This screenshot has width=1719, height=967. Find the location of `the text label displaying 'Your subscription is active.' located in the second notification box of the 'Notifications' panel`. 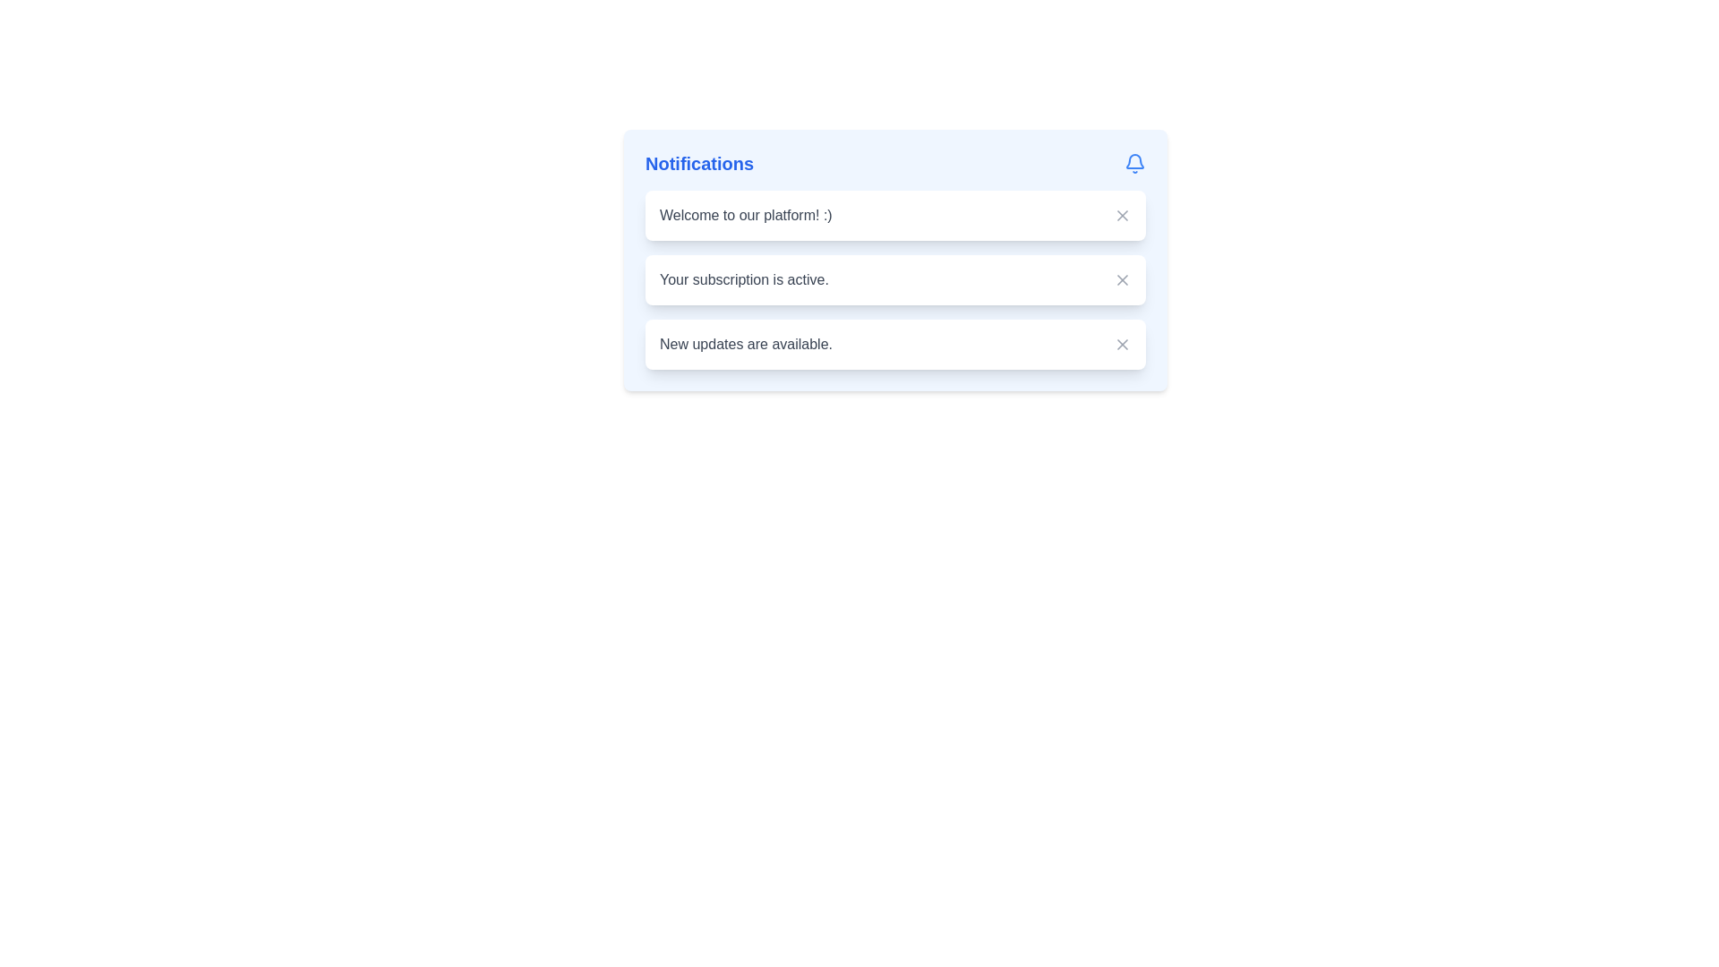

the text label displaying 'Your subscription is active.' located in the second notification box of the 'Notifications' panel is located at coordinates (744, 279).